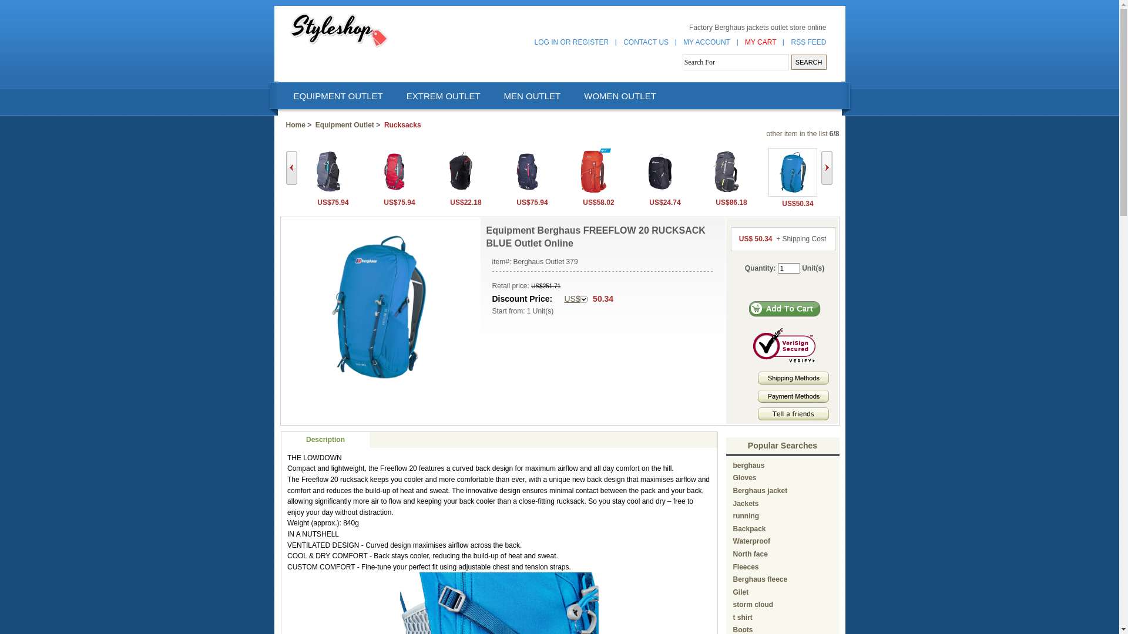 The width and height of the screenshot is (1128, 634). I want to click on ' Berghaus outlet ', so click(338, 29).